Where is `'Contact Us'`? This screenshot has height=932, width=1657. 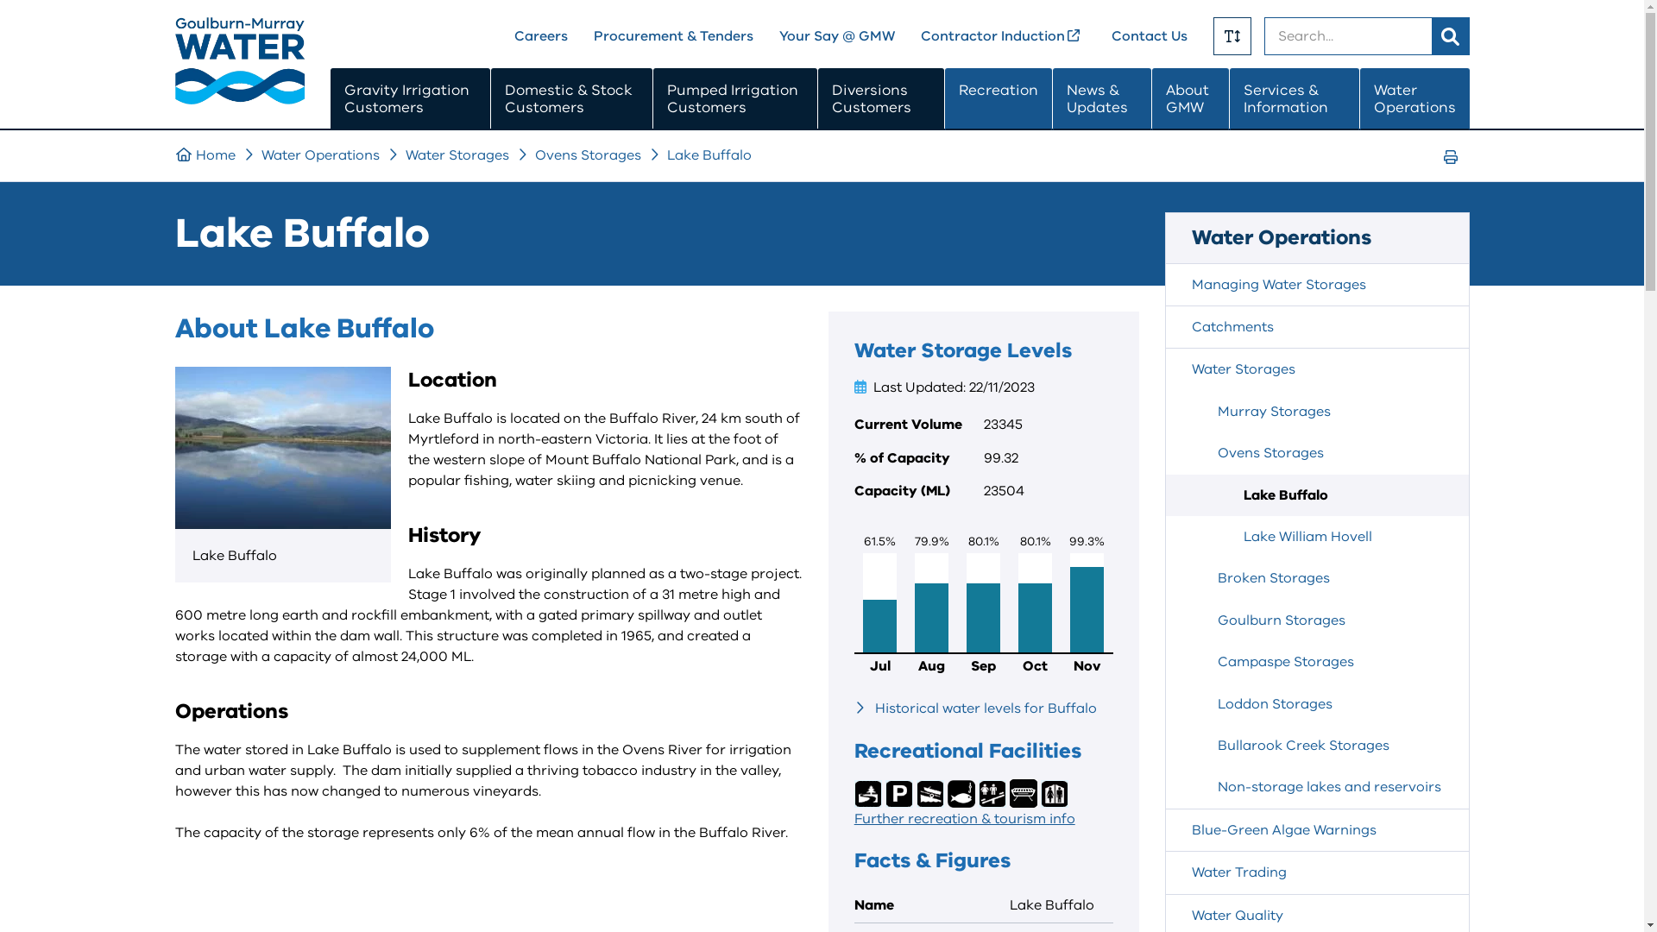 'Contact Us' is located at coordinates (1111, 36).